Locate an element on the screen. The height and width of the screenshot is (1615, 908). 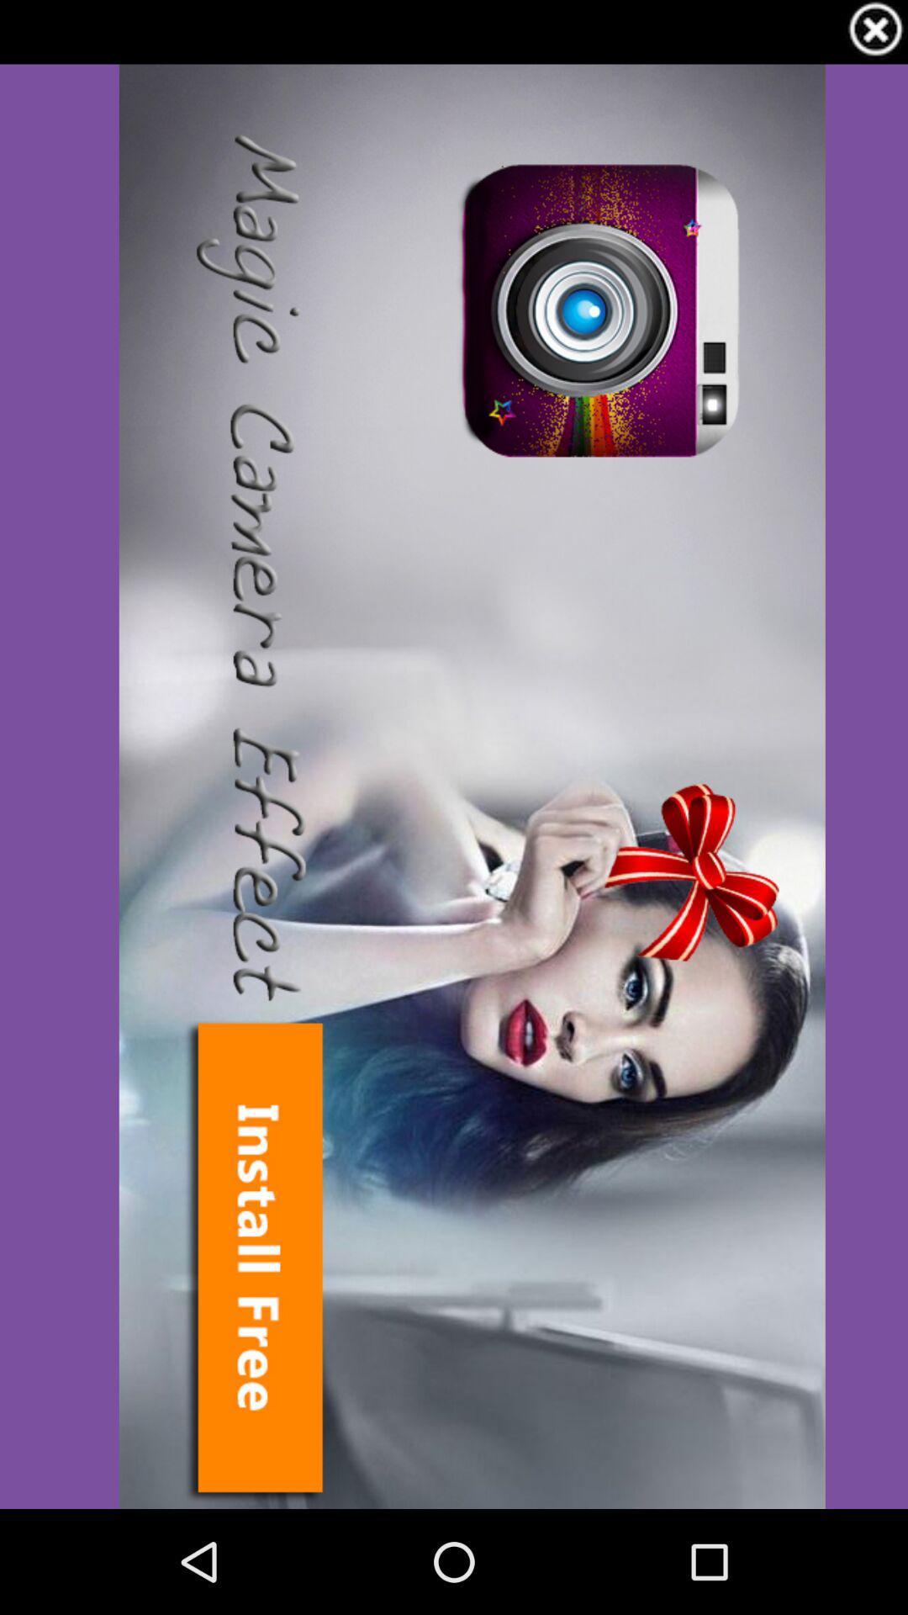
to close tab is located at coordinates (874, 32).